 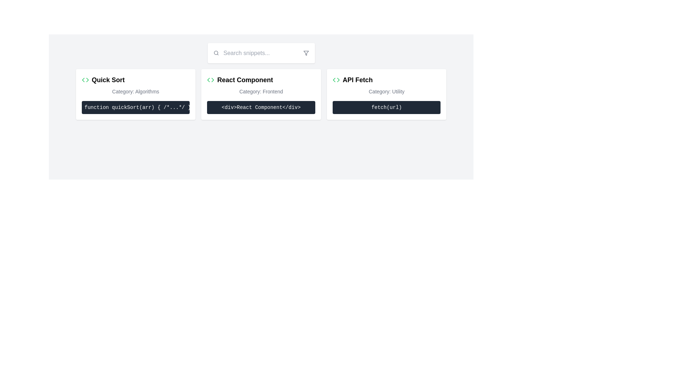 What do you see at coordinates (386, 108) in the screenshot?
I see `the text-display component styled as a code block displaying 'fetch(url)' located within the 'API Fetch' card, beneath the subtitle 'Category: Utility'` at bounding box center [386, 108].